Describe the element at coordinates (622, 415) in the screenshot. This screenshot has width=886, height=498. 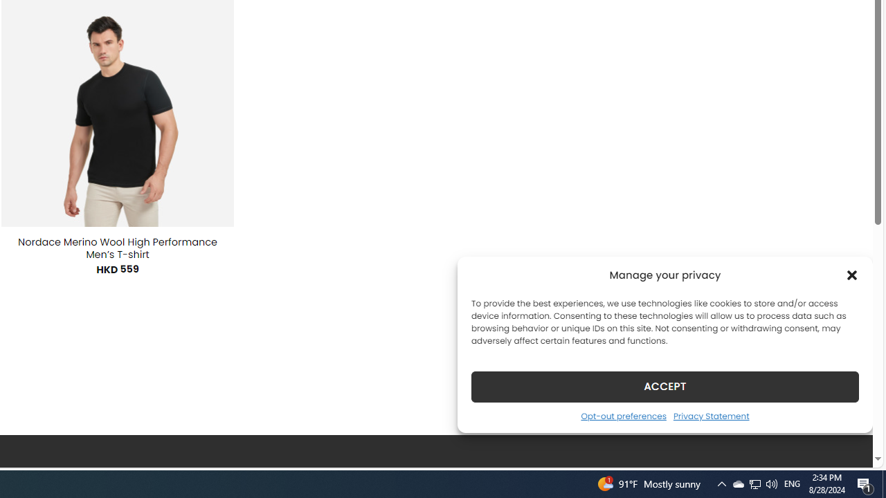
I see `'Opt-out preferences'` at that location.